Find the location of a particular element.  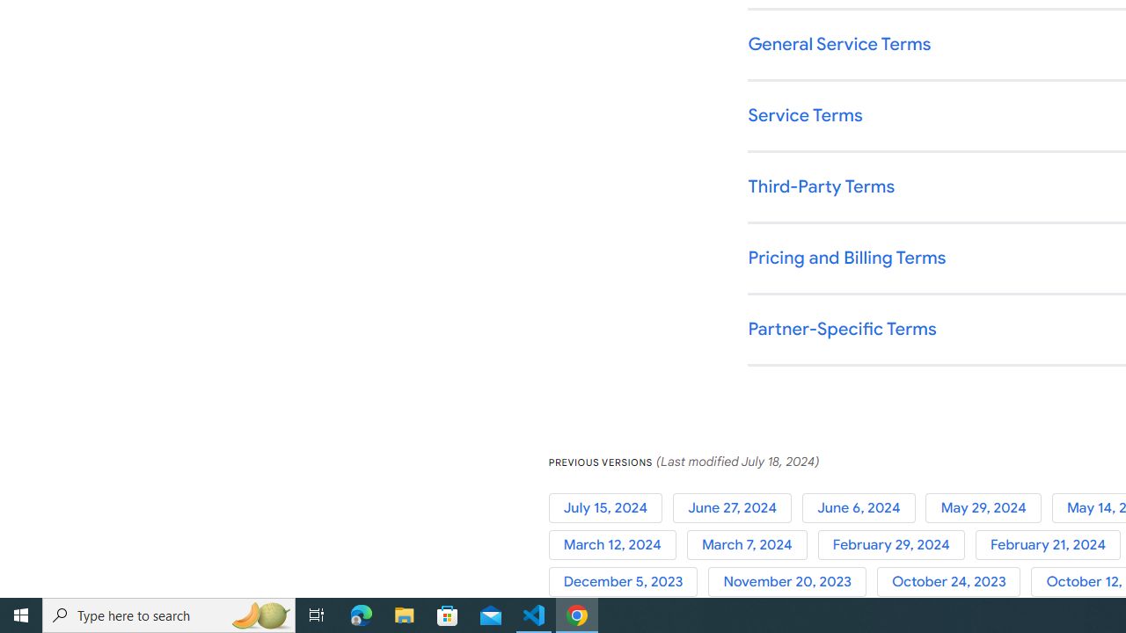

'June 27, 2024' is located at coordinates (736, 507).